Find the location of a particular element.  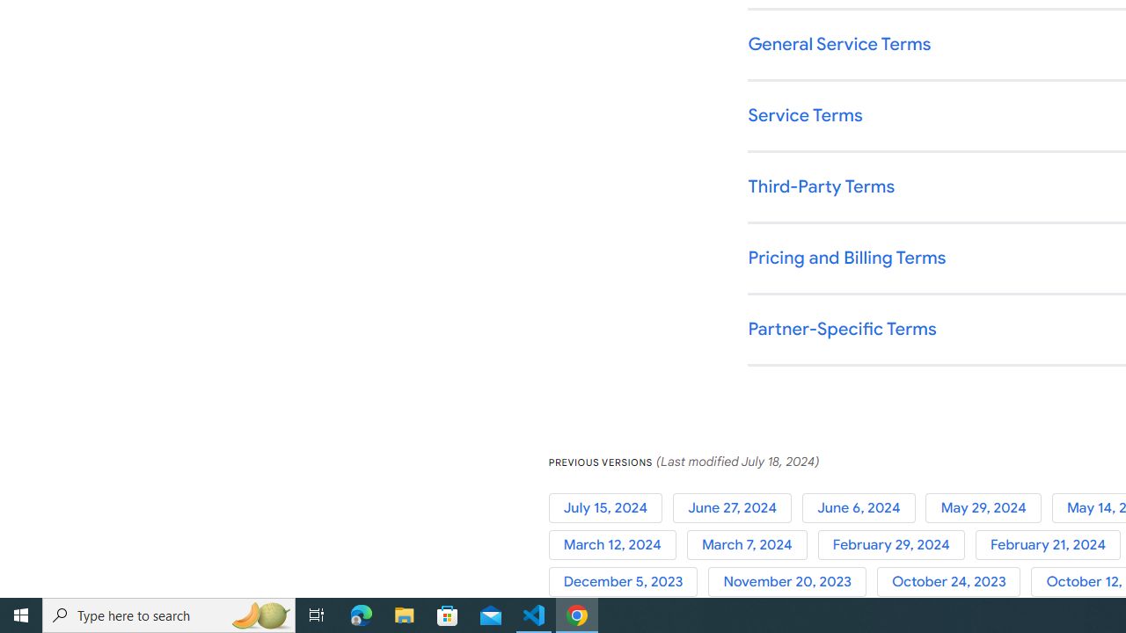

'June 27, 2024' is located at coordinates (736, 507).